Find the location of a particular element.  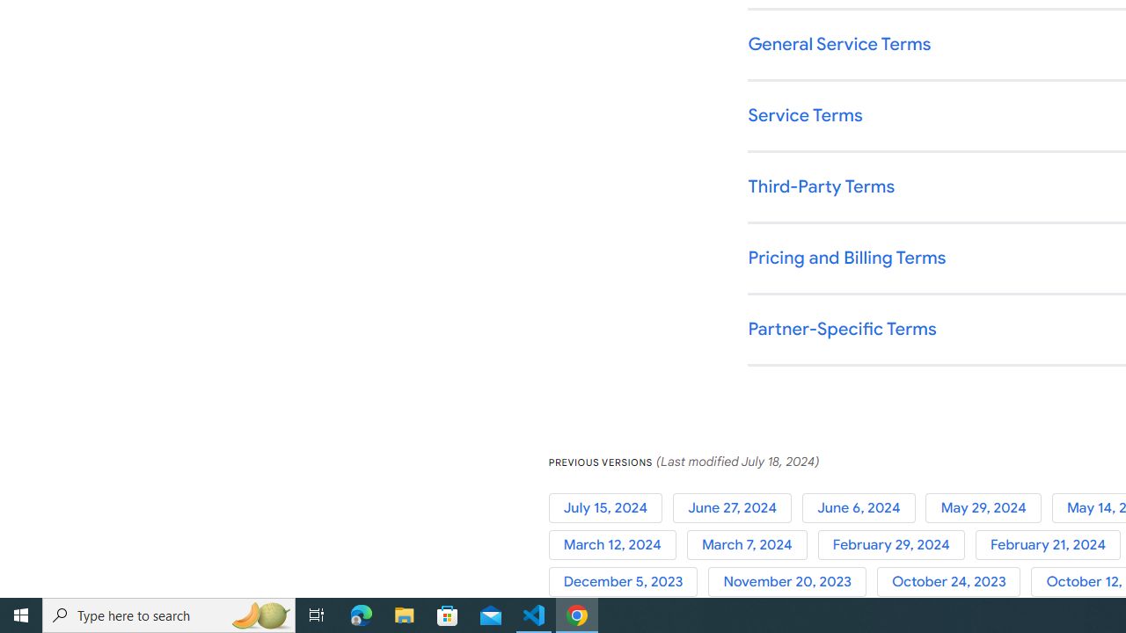

'June 27, 2024' is located at coordinates (736, 507).